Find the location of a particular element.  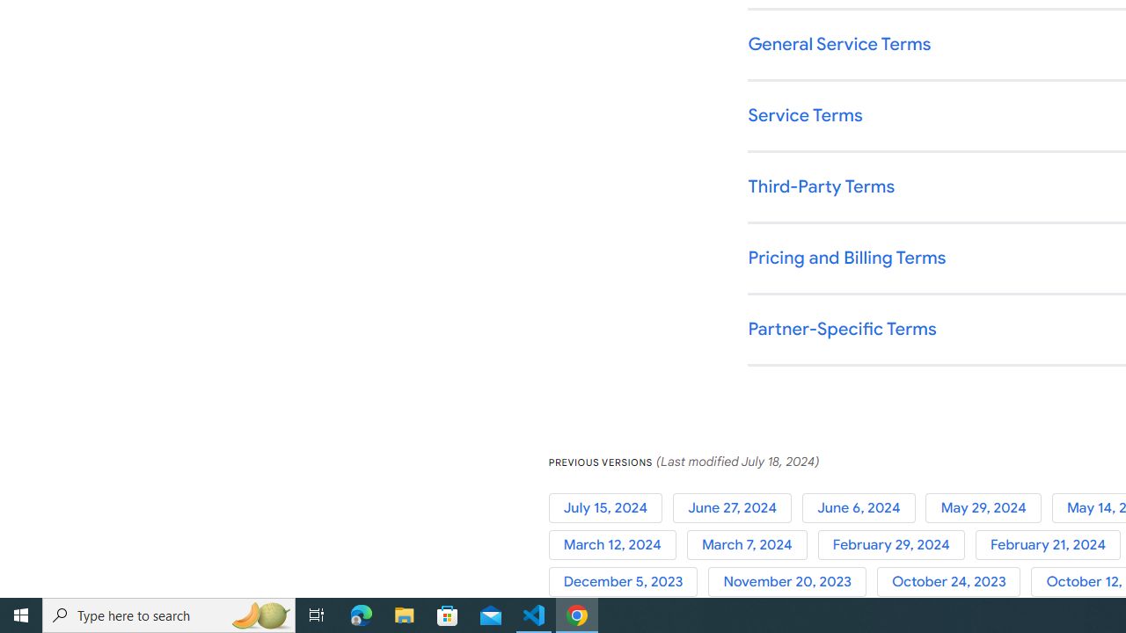

'June 27, 2024' is located at coordinates (736, 507).